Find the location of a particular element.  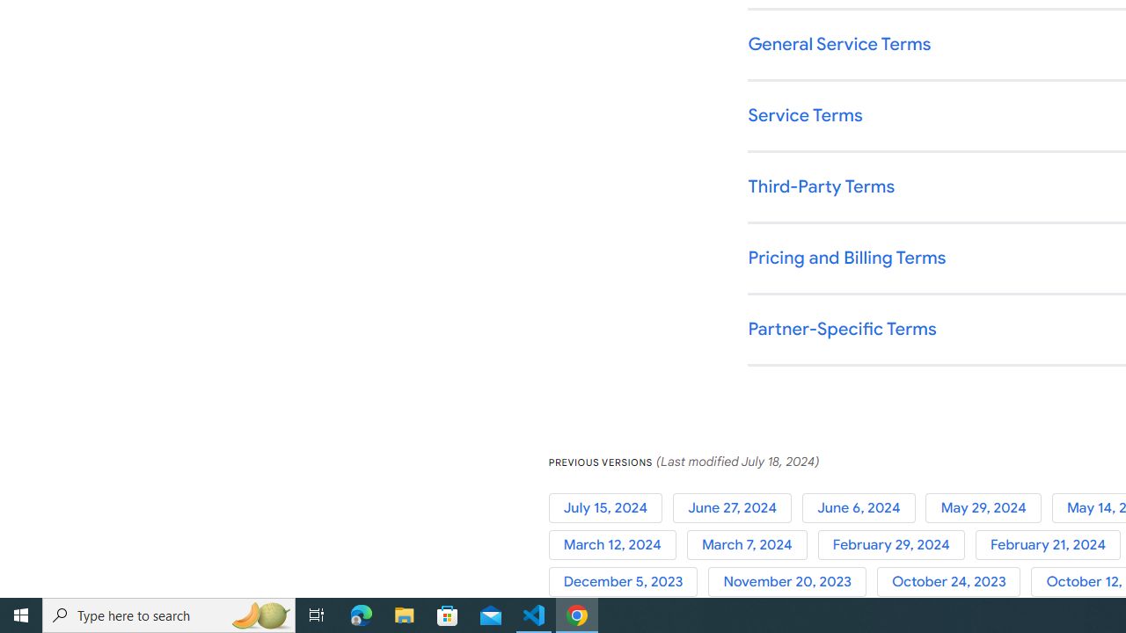

'June 27, 2024' is located at coordinates (736, 507).